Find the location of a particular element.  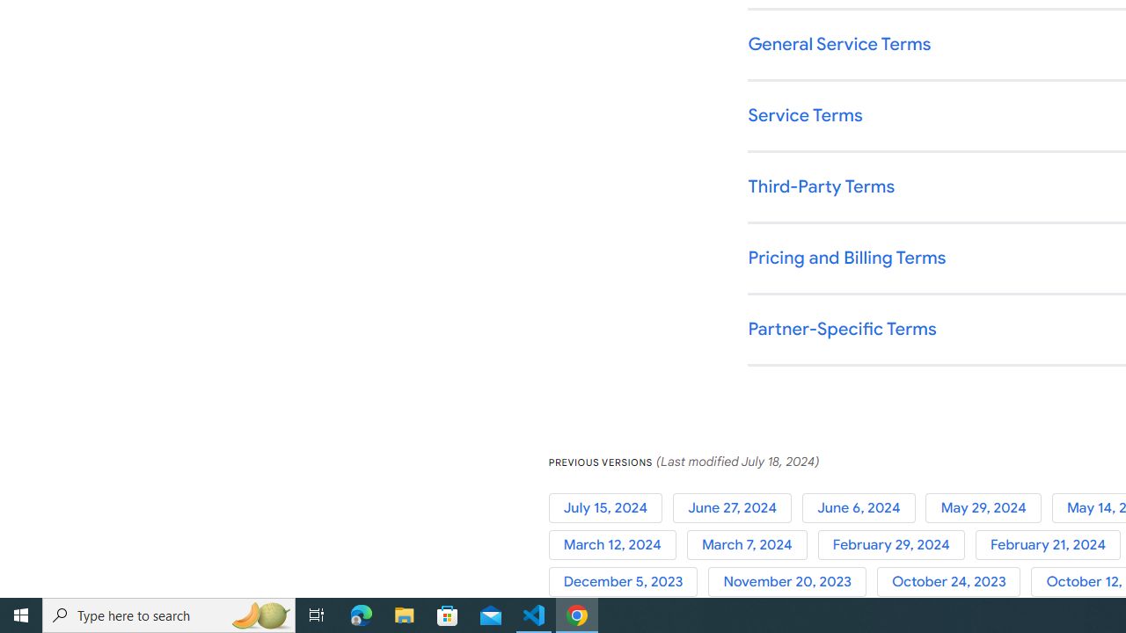

'June 27, 2024' is located at coordinates (736, 507).